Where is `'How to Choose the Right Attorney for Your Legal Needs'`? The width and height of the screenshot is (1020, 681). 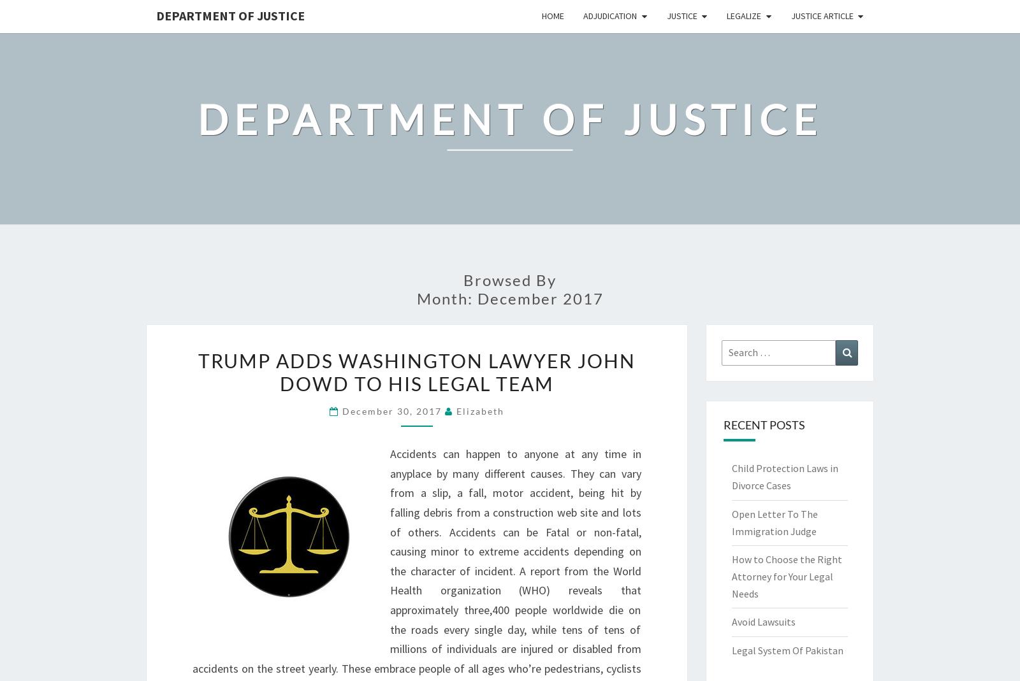 'How to Choose the Right Attorney for Your Legal Needs' is located at coordinates (785, 575).